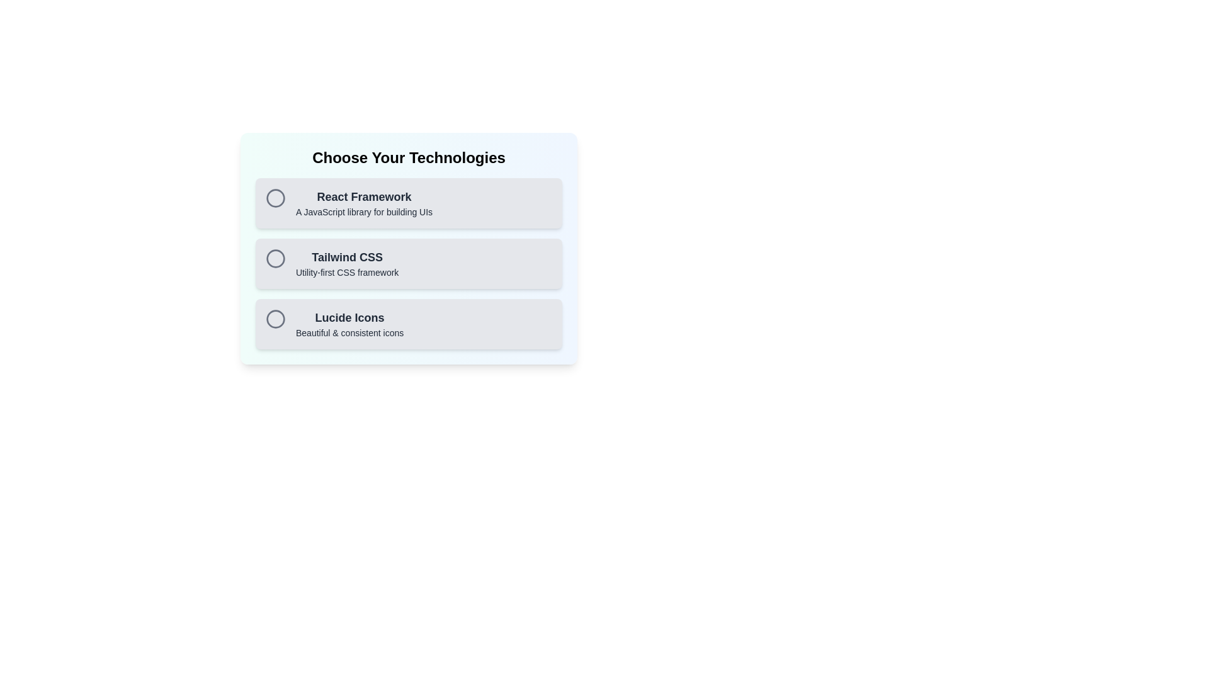 The width and height of the screenshot is (1209, 680). I want to click on the chip labeled Lucide Icons to observe visual feedback, so click(409, 324).